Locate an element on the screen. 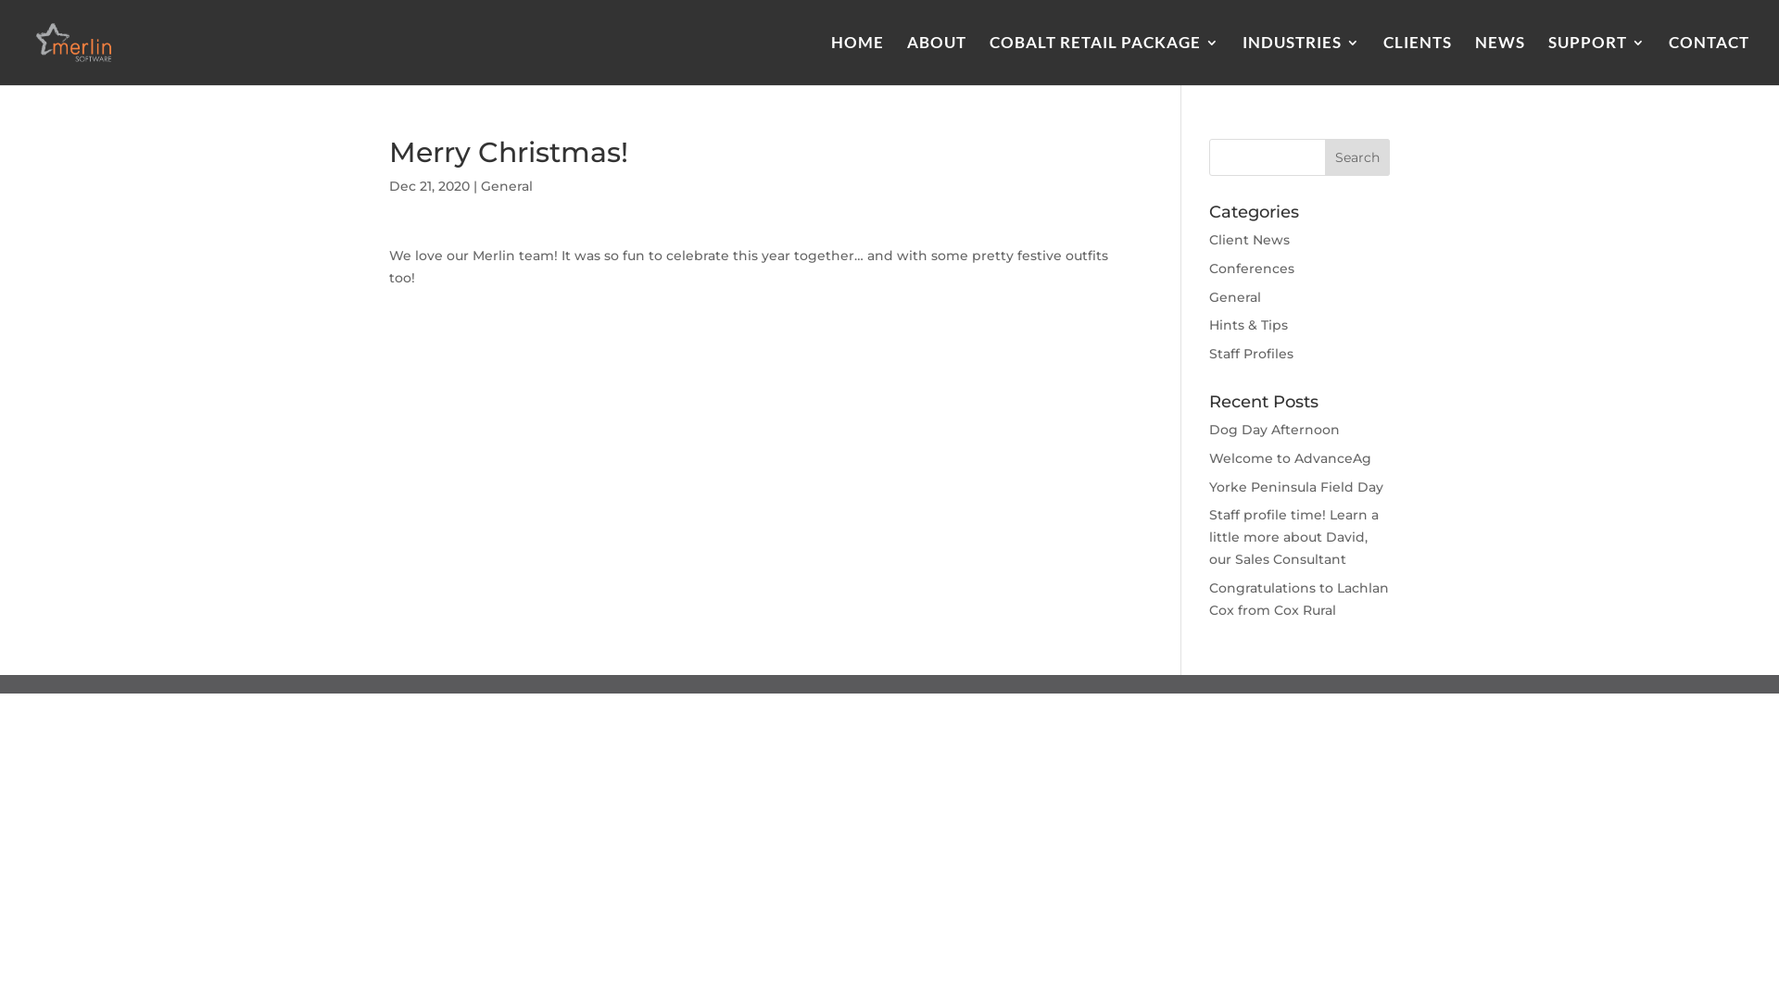  'Yorke Peninsula Field Day' is located at coordinates (1209, 485).